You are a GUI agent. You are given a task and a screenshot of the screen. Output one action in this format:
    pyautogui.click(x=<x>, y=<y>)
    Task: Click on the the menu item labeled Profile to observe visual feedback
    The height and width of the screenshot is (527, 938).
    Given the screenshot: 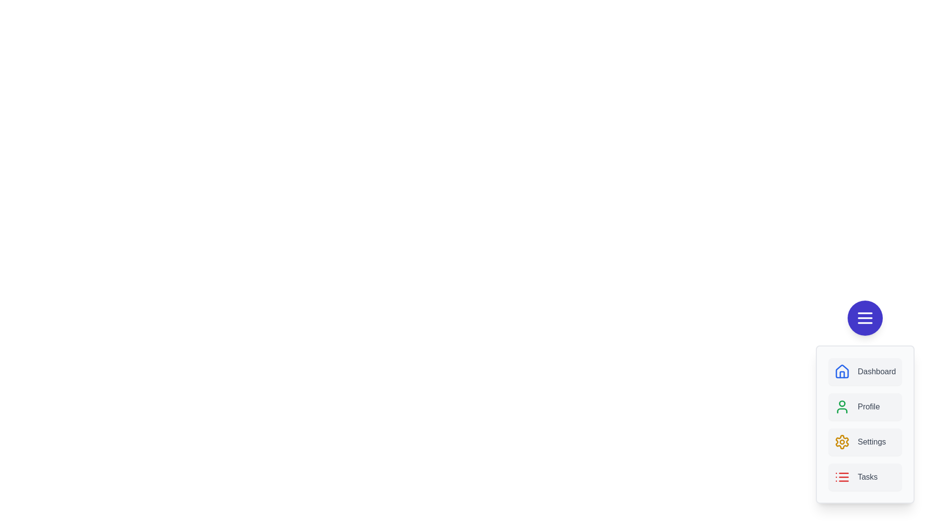 What is the action you would take?
    pyautogui.click(x=865, y=406)
    